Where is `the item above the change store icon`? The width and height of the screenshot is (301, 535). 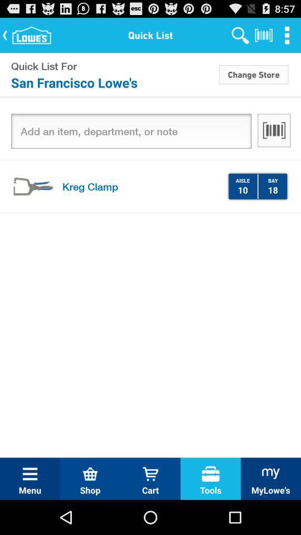
the item above the change store icon is located at coordinates (287, 35).